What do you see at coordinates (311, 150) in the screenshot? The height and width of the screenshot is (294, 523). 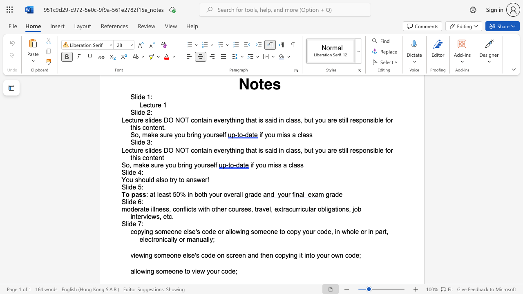 I see `the subset text "t you are still responsible for th" within the text "everything that is said in class, but you are still responsible for this content"` at bounding box center [311, 150].